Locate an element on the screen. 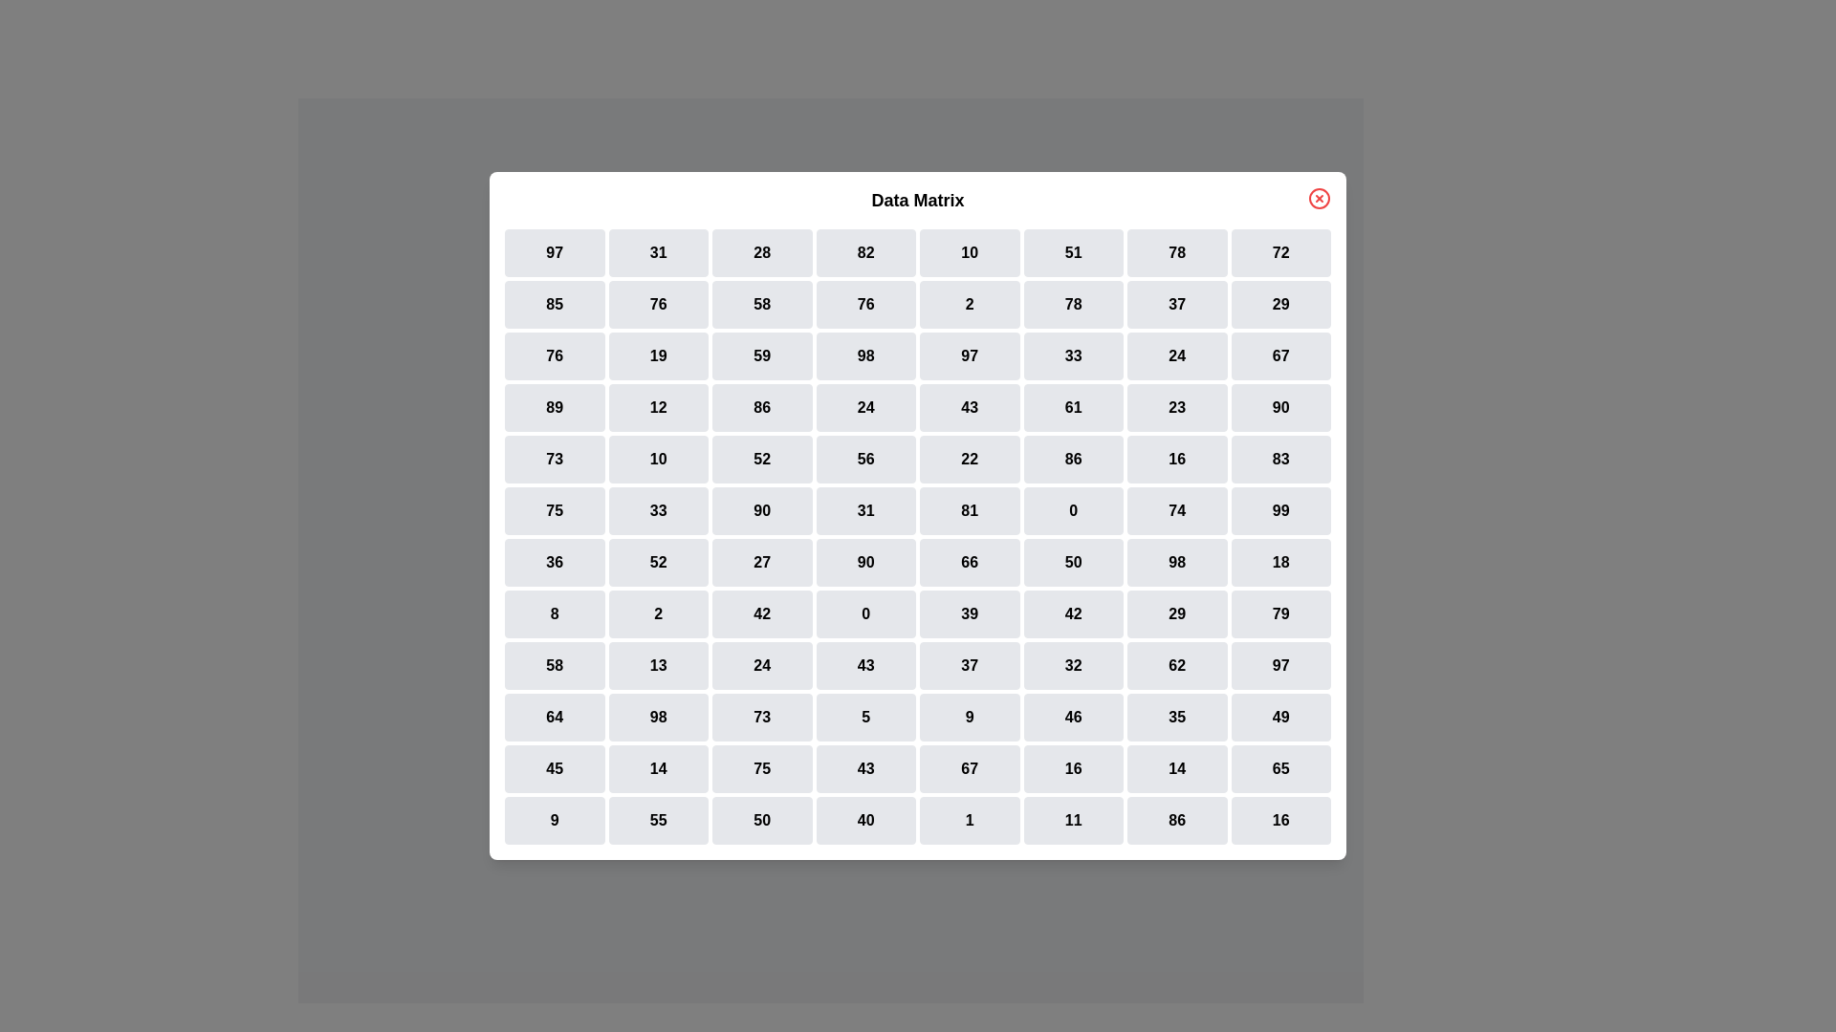 The width and height of the screenshot is (1836, 1032). the close button to close the dialog is located at coordinates (1319, 199).